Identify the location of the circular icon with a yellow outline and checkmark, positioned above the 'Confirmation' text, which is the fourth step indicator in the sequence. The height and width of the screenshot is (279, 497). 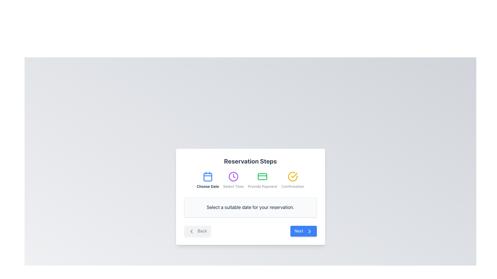
(293, 176).